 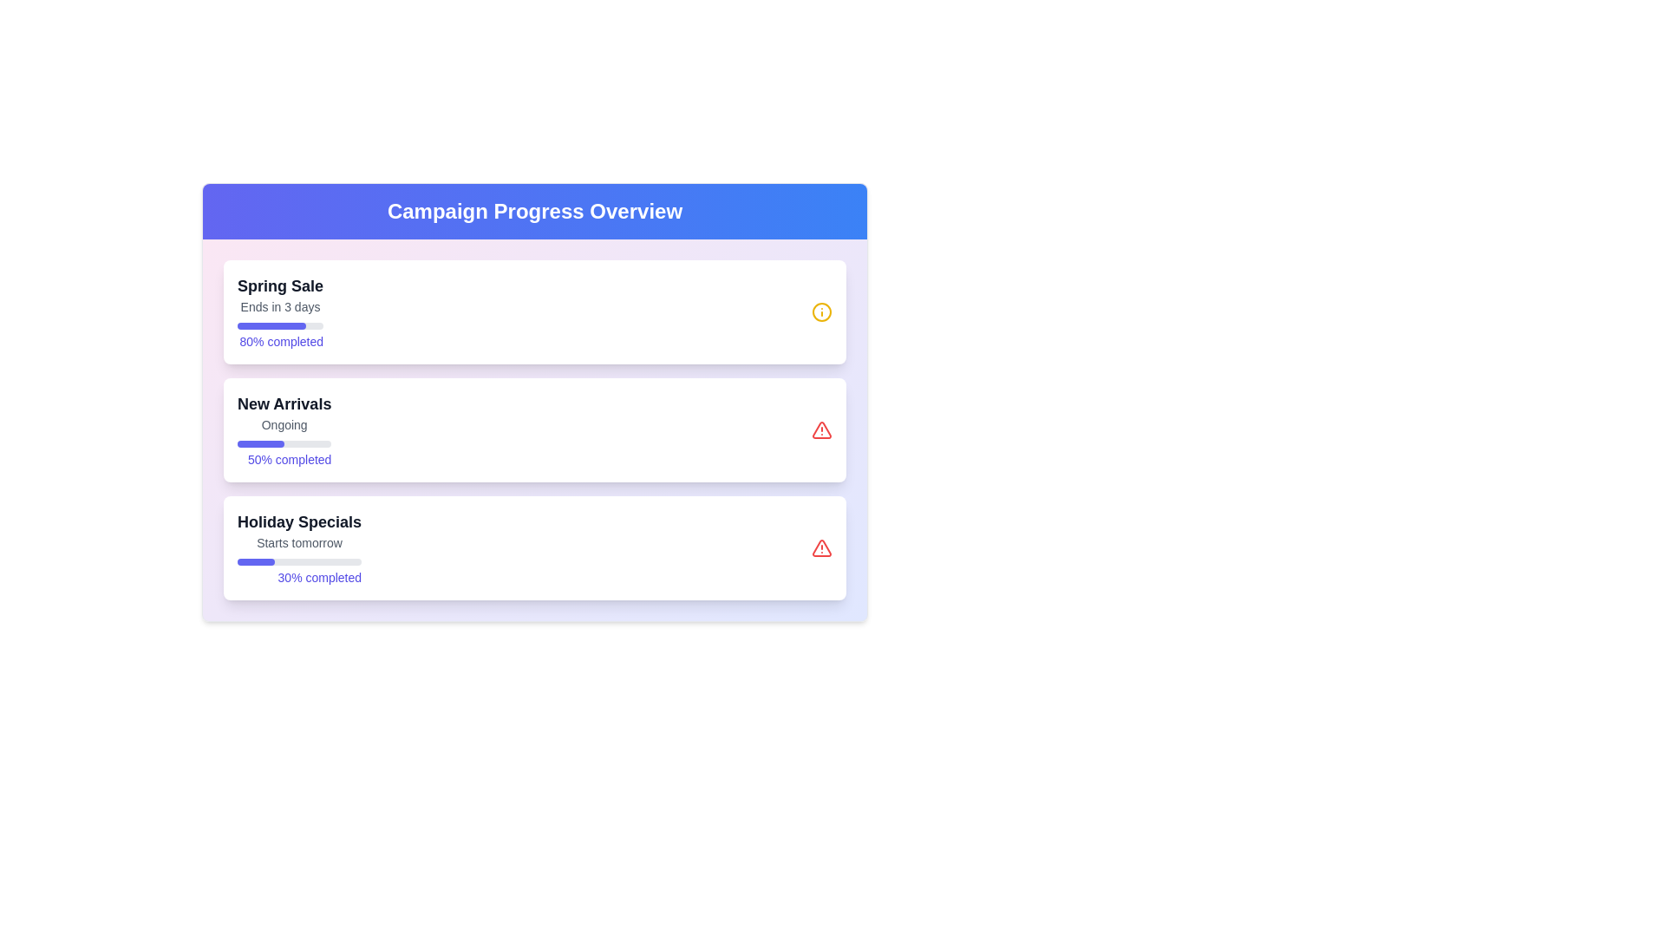 What do you see at coordinates (280, 306) in the screenshot?
I see `text from the text label that displays 'Ends in 3 days', which is styled in small gray text and positioned above the progress bar following the title 'Spring Sale'` at bounding box center [280, 306].